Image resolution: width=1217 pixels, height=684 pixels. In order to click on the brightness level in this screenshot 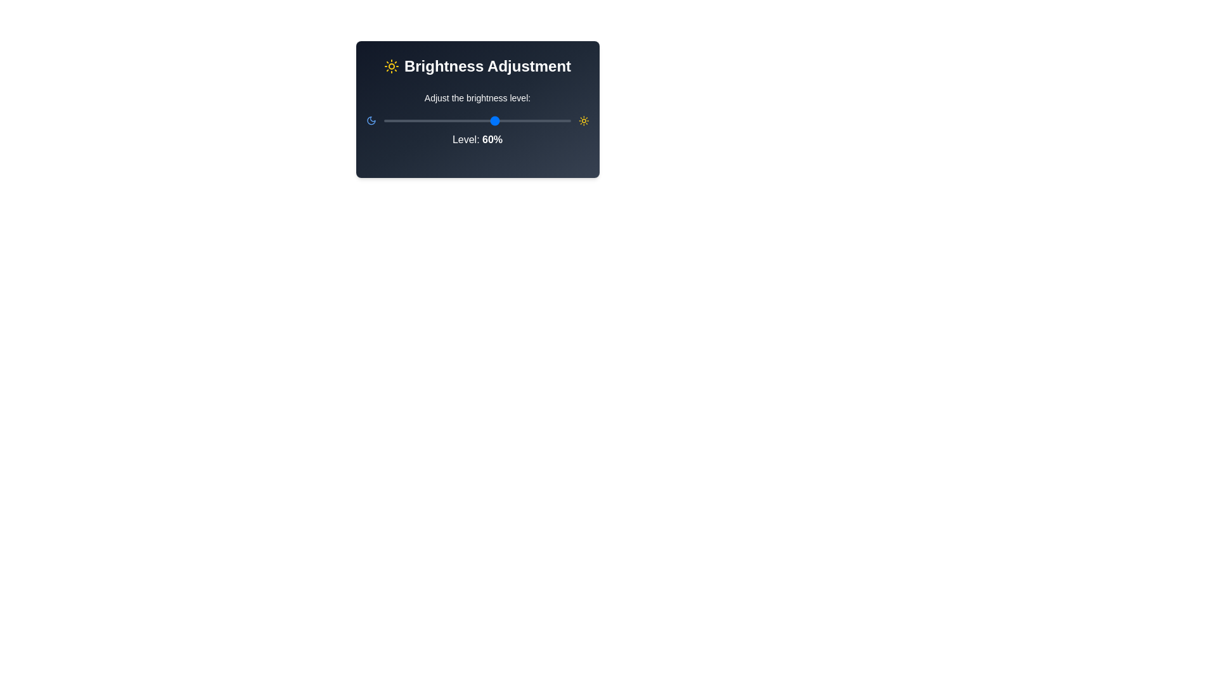, I will do `click(526, 121)`.